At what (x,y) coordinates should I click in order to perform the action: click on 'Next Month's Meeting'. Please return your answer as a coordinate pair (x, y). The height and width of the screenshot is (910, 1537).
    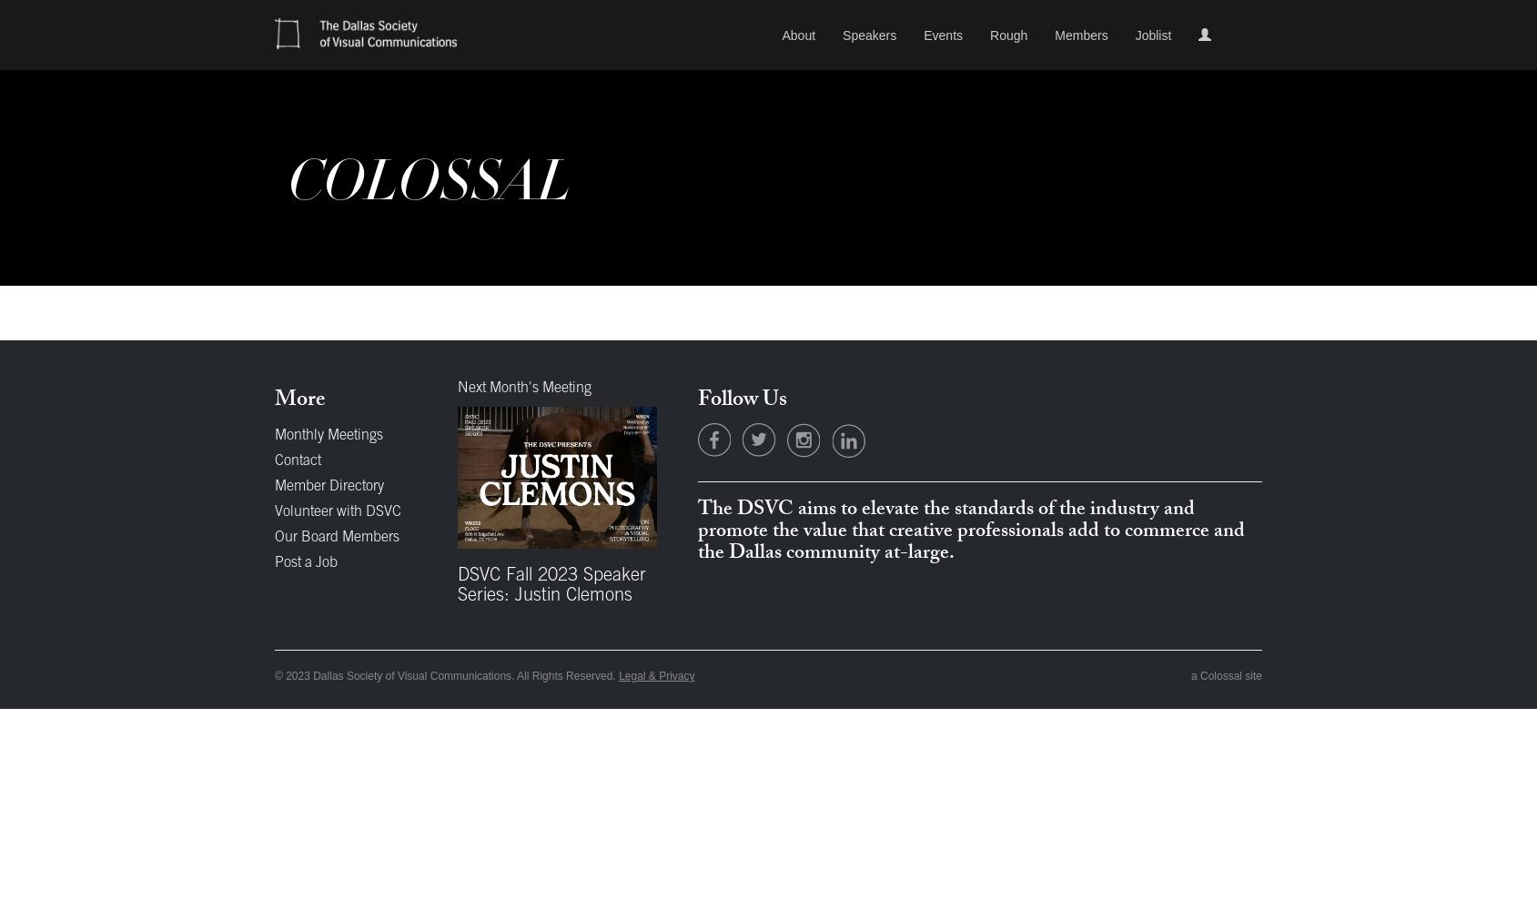
    Looking at the image, I should click on (522, 389).